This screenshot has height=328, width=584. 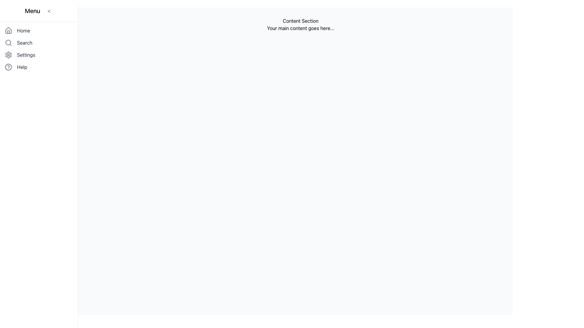 I want to click on the 'Search' icon located in the left menu section beneath the 'Home' menu item, which visually indicates the 'Search' functionality, so click(x=9, y=43).